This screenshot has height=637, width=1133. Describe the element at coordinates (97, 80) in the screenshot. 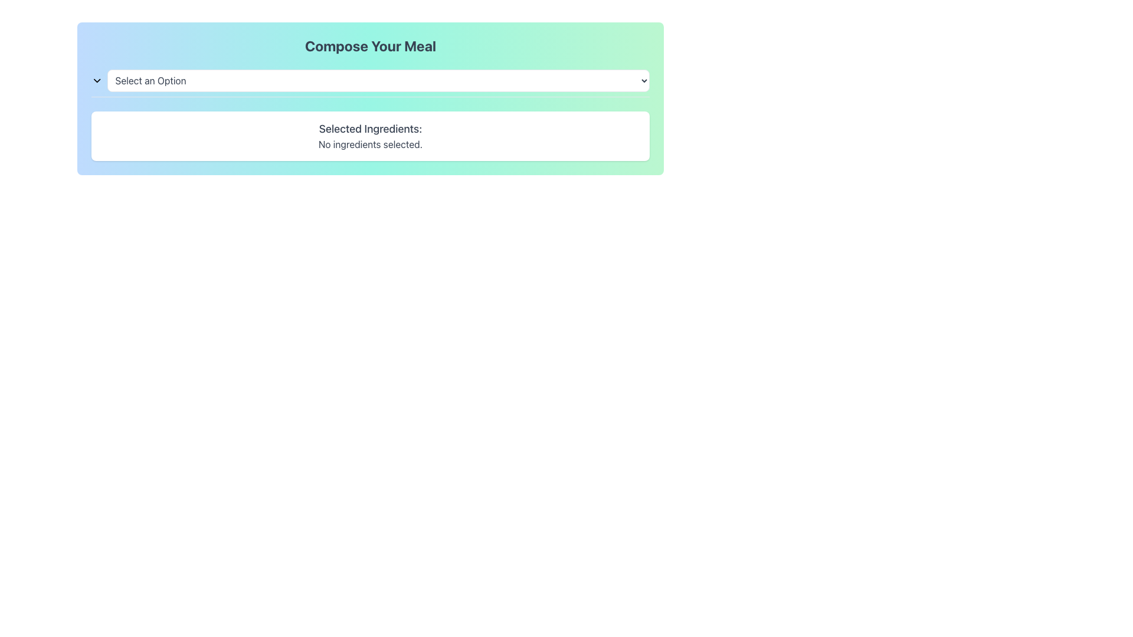

I see `the dropdown icon located to the left of the 'Select an Option' dropdown field` at that location.